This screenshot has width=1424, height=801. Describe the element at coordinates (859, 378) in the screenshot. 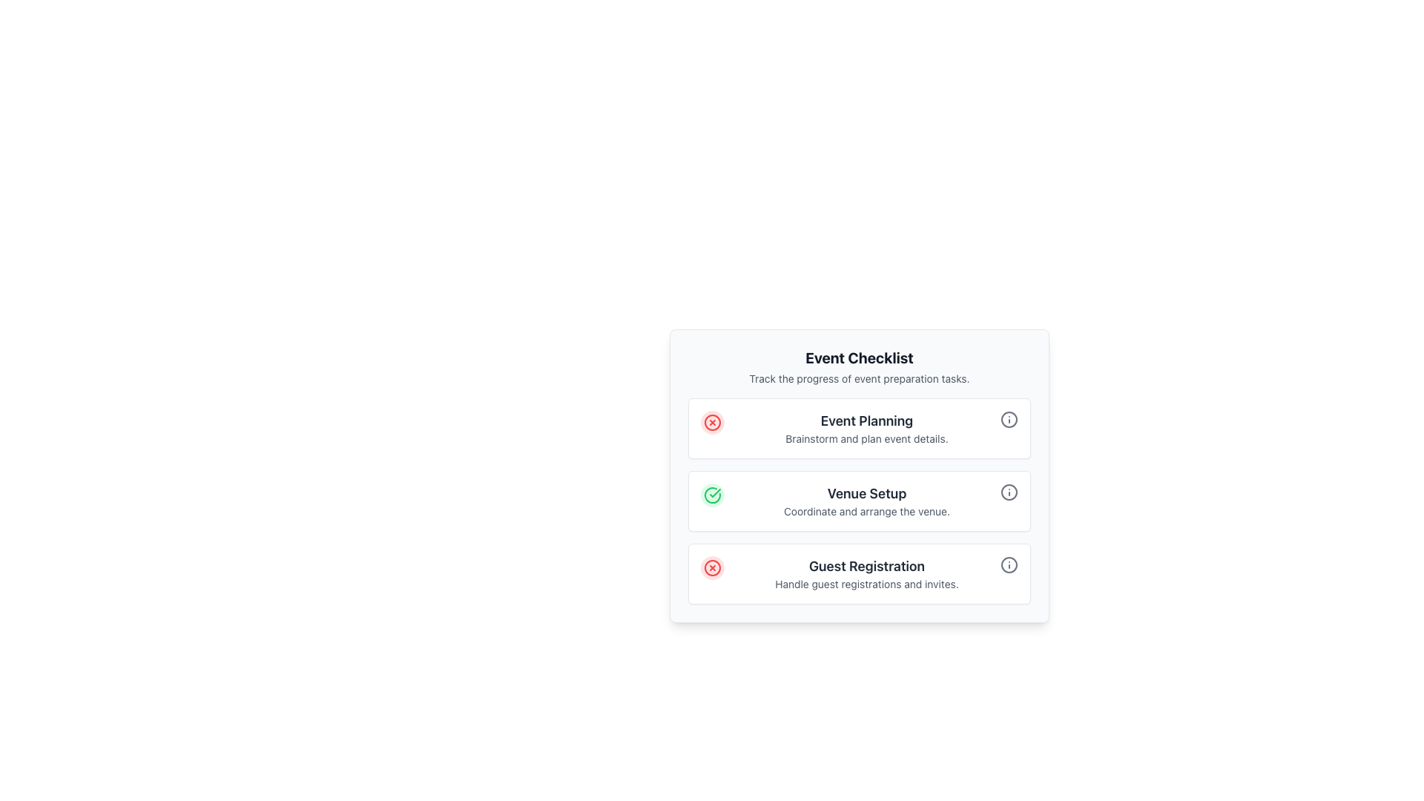

I see `the text element that contains 'Track the progress of event preparation tasks.', located directly under the 'Event Checklist' heading` at that location.